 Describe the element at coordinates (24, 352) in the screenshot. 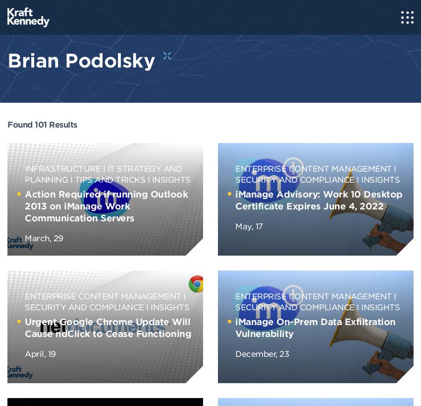

I see `'April, 19'` at that location.